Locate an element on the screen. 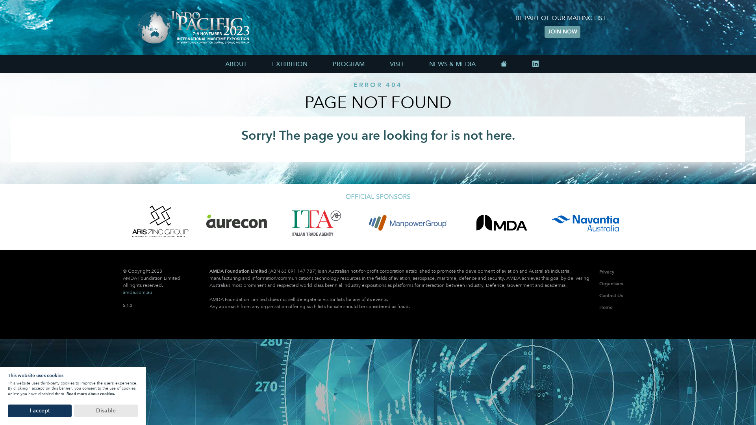 This screenshot has width=756, height=425. 'I accept' is located at coordinates (39, 410).